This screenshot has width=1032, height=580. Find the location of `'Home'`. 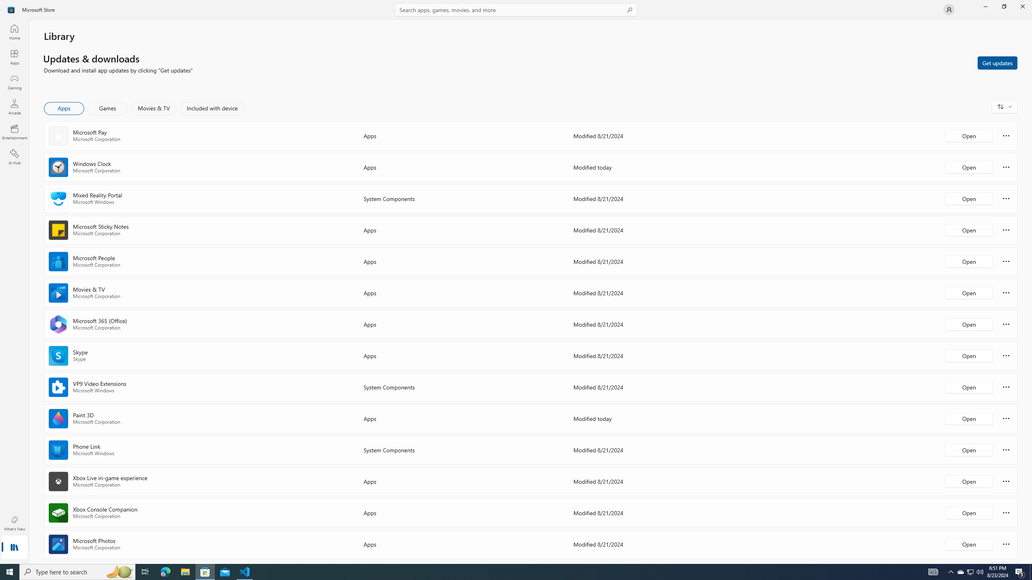

'Home' is located at coordinates (14, 31).